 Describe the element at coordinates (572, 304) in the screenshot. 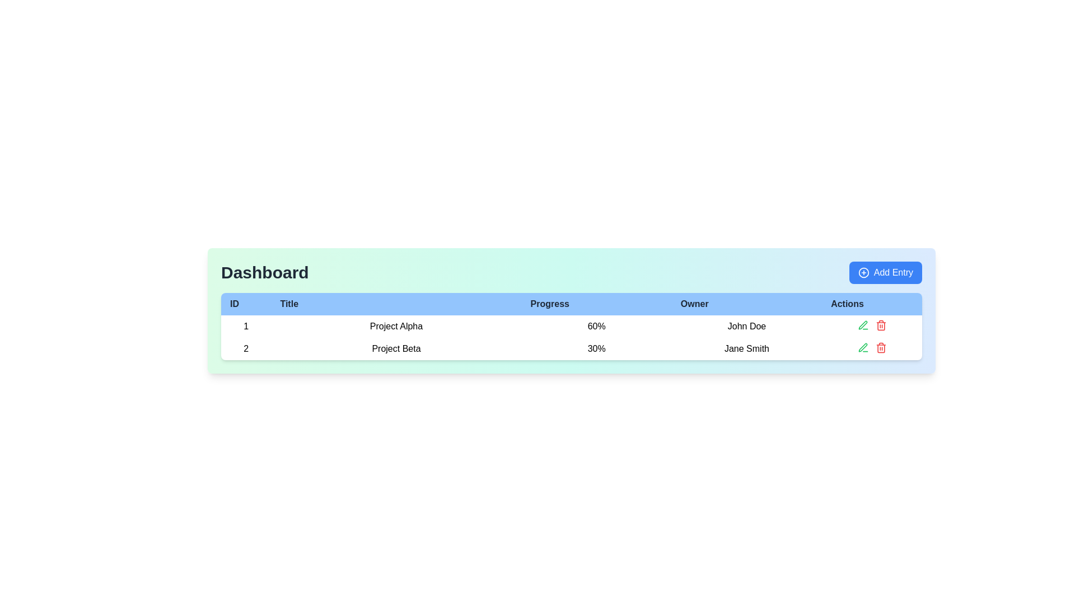

I see `the header row of the table` at that location.